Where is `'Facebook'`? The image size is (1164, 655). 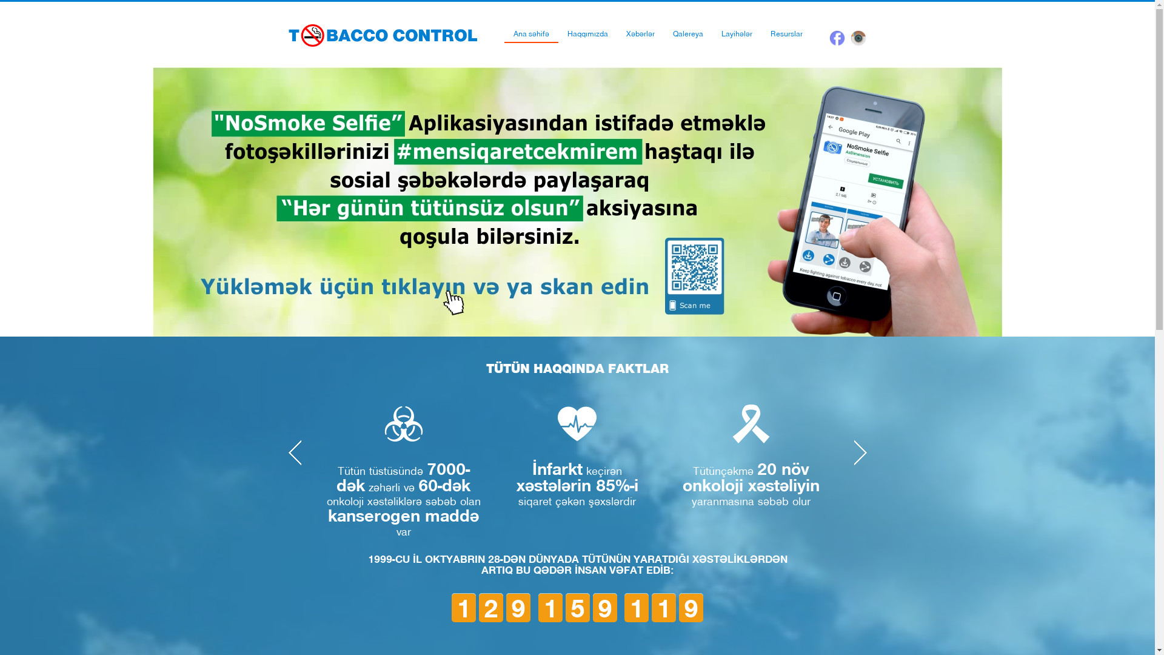 'Facebook' is located at coordinates (837, 37).